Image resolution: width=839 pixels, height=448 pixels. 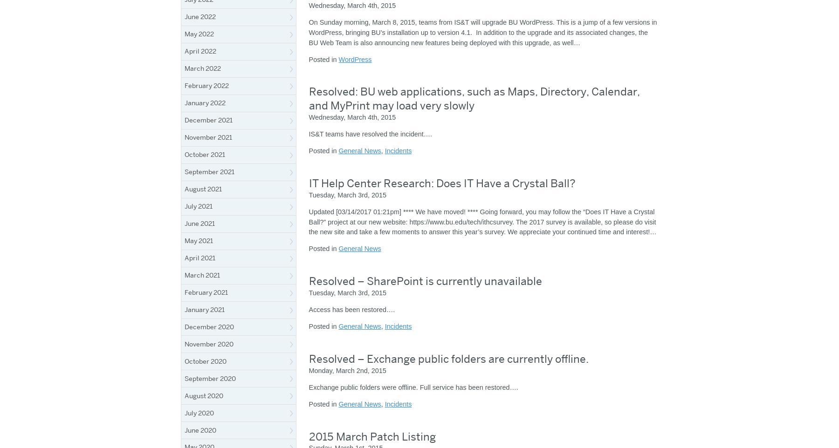 What do you see at coordinates (474, 98) in the screenshot?
I see `'Resolved: BU web applications, such as Maps, Directory, Calendar, and MyPrint may load very slowly'` at bounding box center [474, 98].